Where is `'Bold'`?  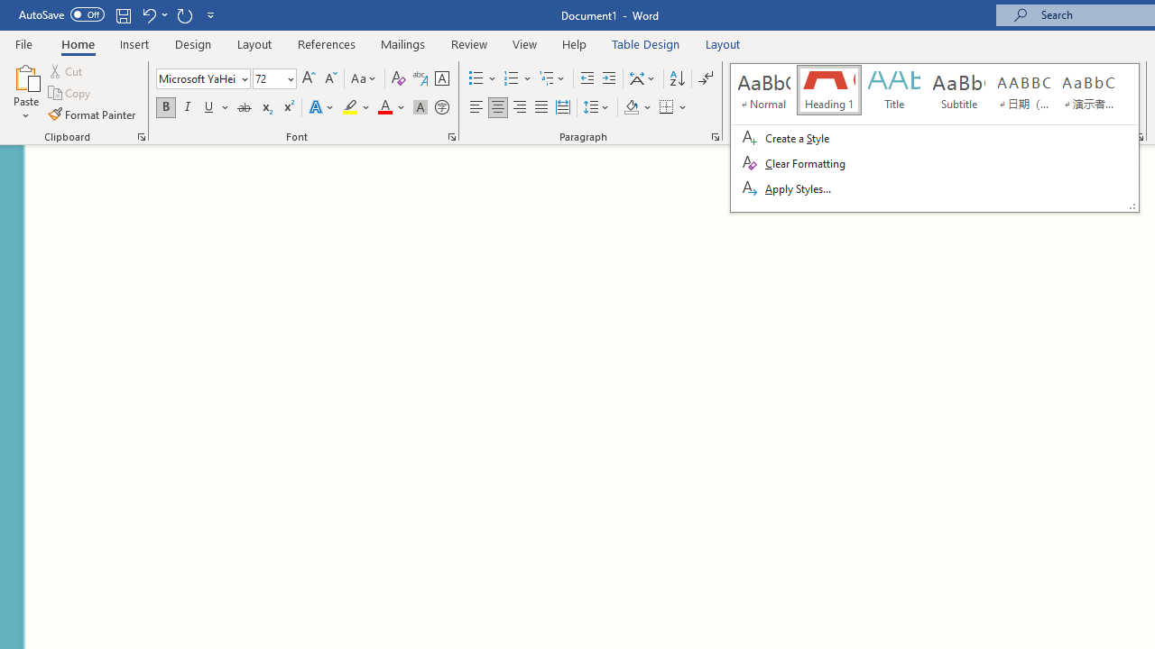
'Bold' is located at coordinates (165, 107).